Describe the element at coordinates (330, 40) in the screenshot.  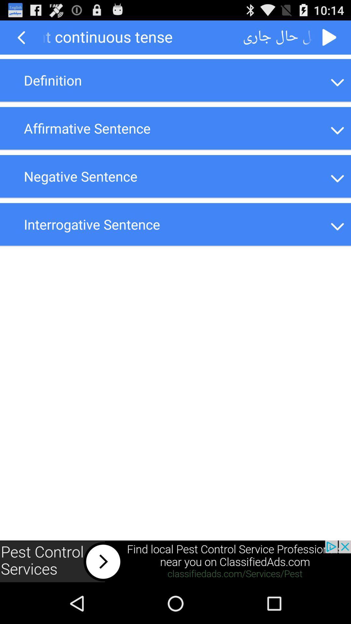
I see `the play icon` at that location.